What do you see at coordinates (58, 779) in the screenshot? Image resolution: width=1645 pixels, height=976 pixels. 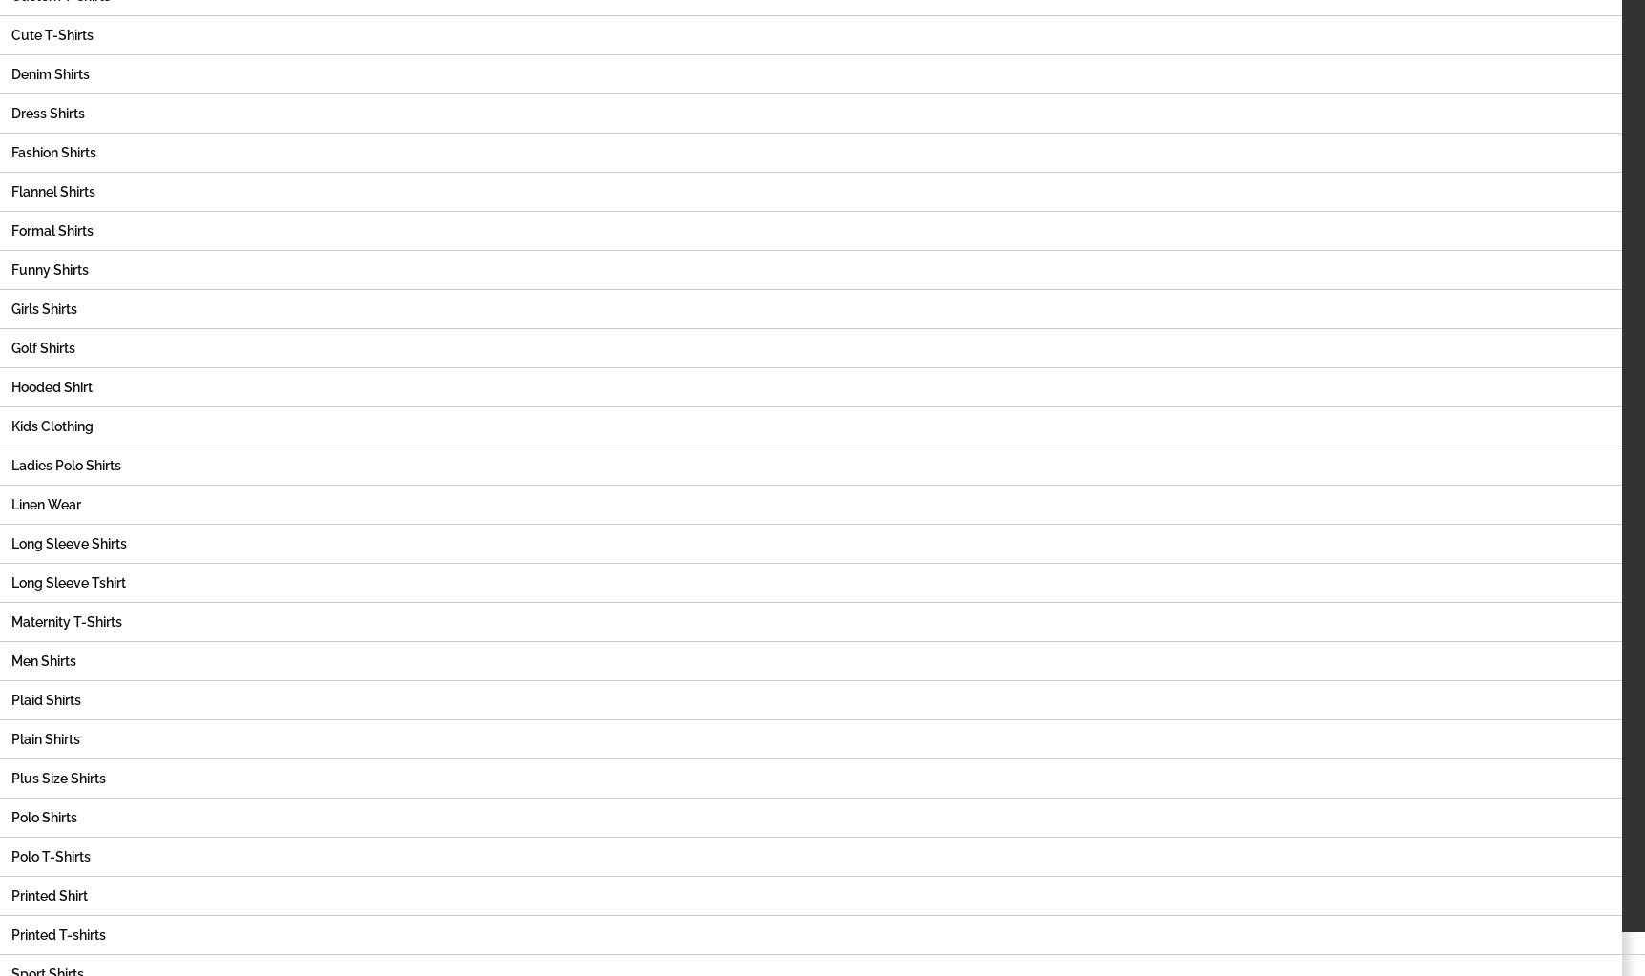 I see `'Plus Size Shirts'` at bounding box center [58, 779].